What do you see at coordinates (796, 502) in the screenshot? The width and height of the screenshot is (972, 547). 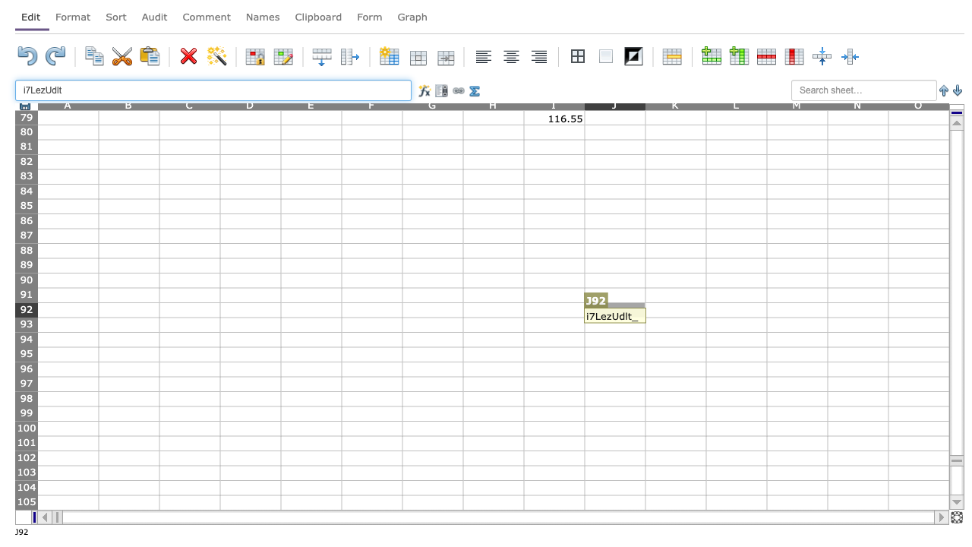 I see `column M row 105` at bounding box center [796, 502].